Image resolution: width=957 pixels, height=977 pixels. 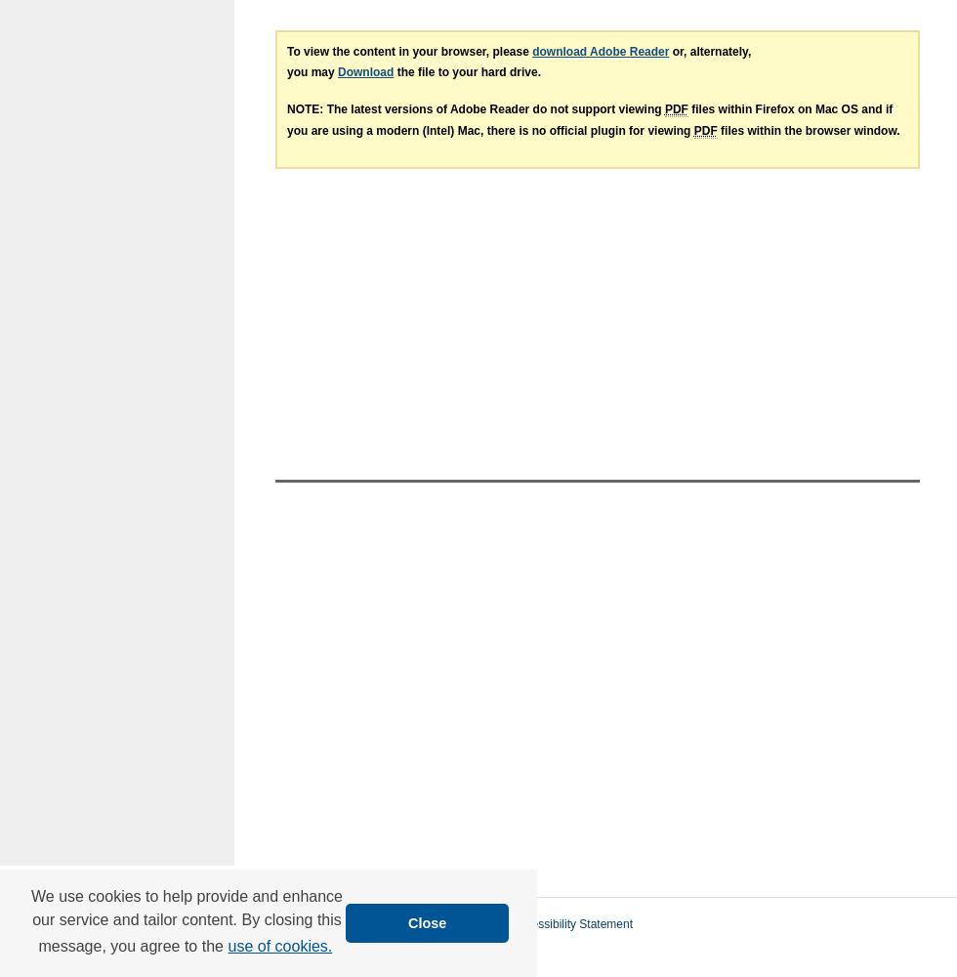 What do you see at coordinates (266, 947) in the screenshot?
I see `'Privacy'` at bounding box center [266, 947].